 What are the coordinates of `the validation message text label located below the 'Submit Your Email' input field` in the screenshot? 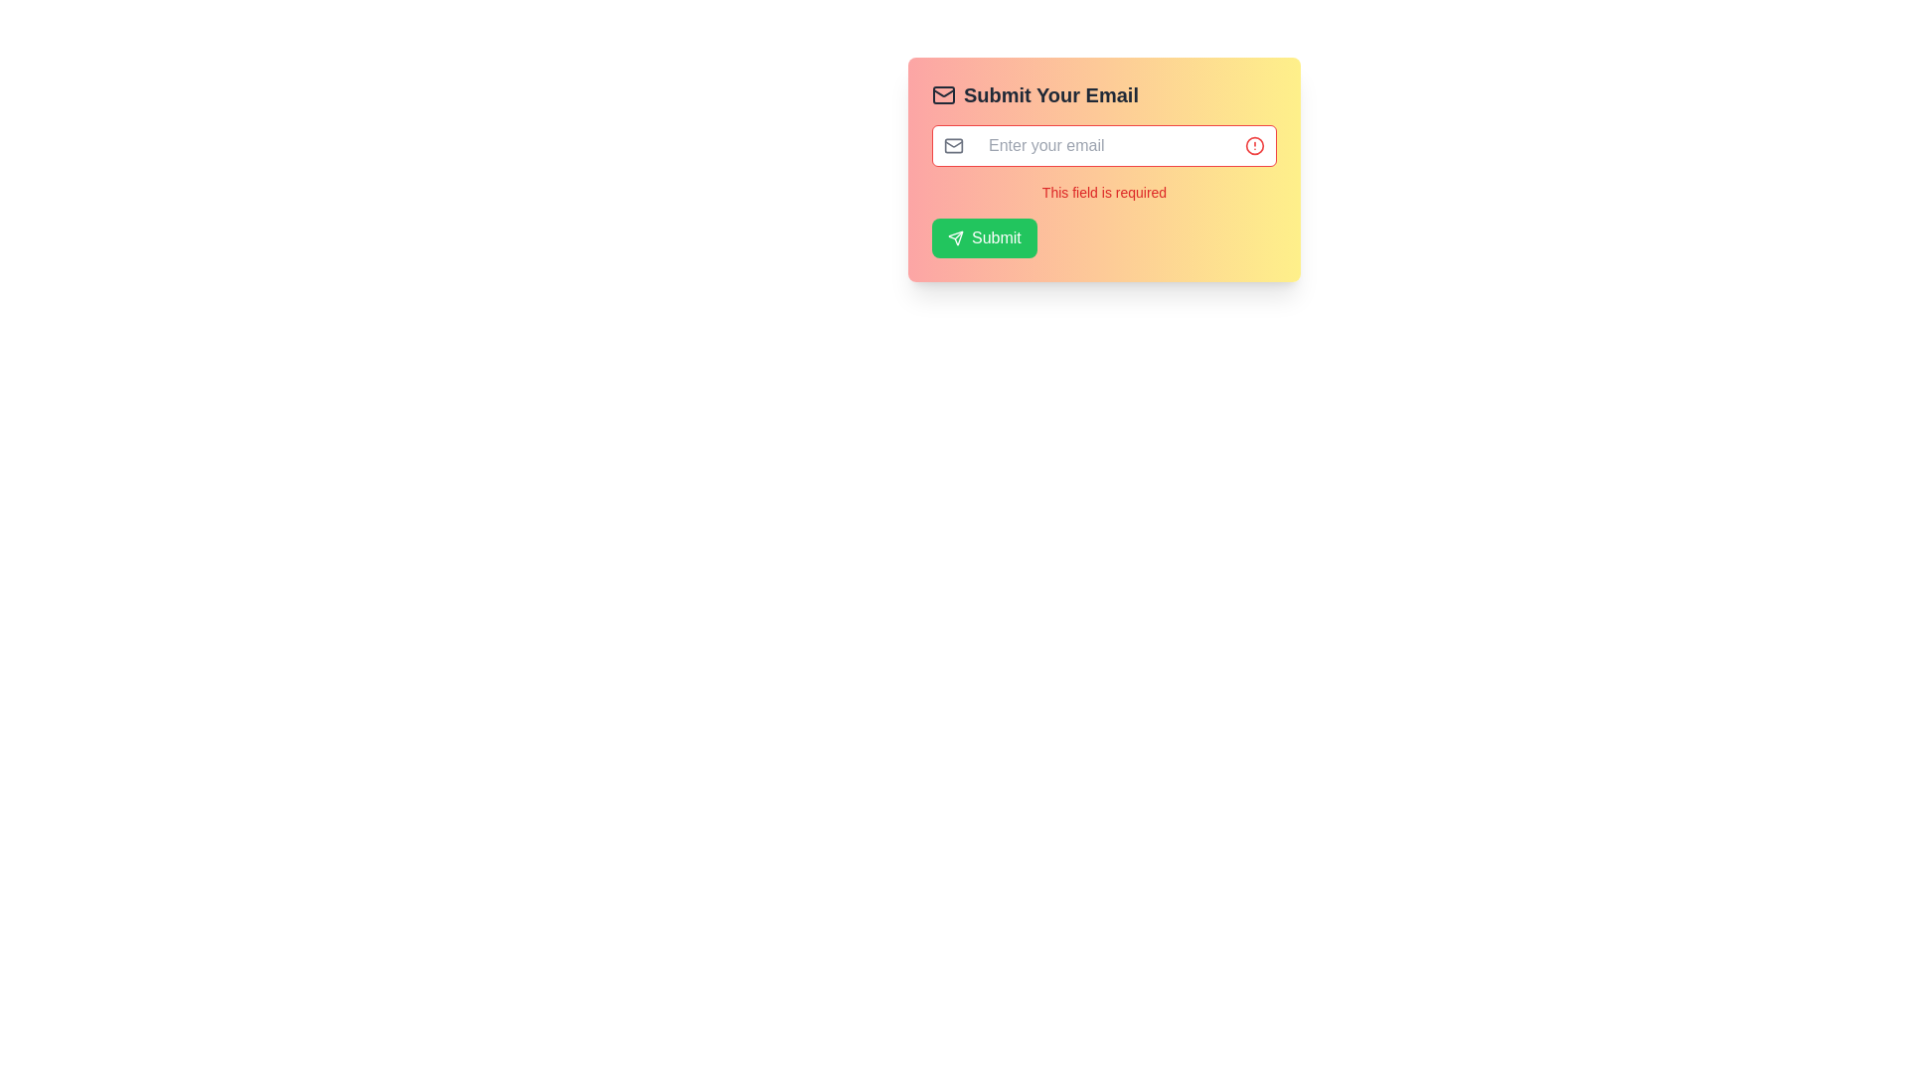 It's located at (1103, 192).